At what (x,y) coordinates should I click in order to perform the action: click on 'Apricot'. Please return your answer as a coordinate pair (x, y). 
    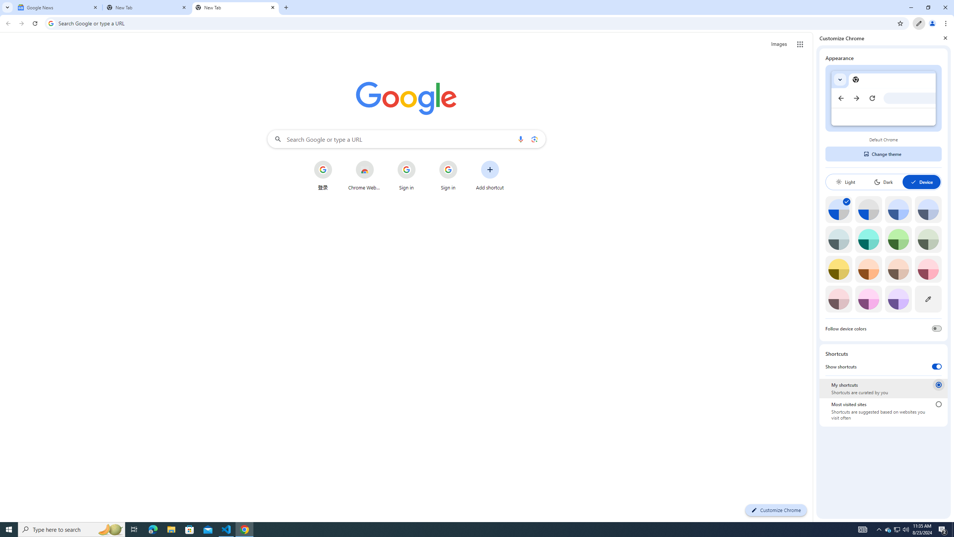
    Looking at the image, I should click on (898, 268).